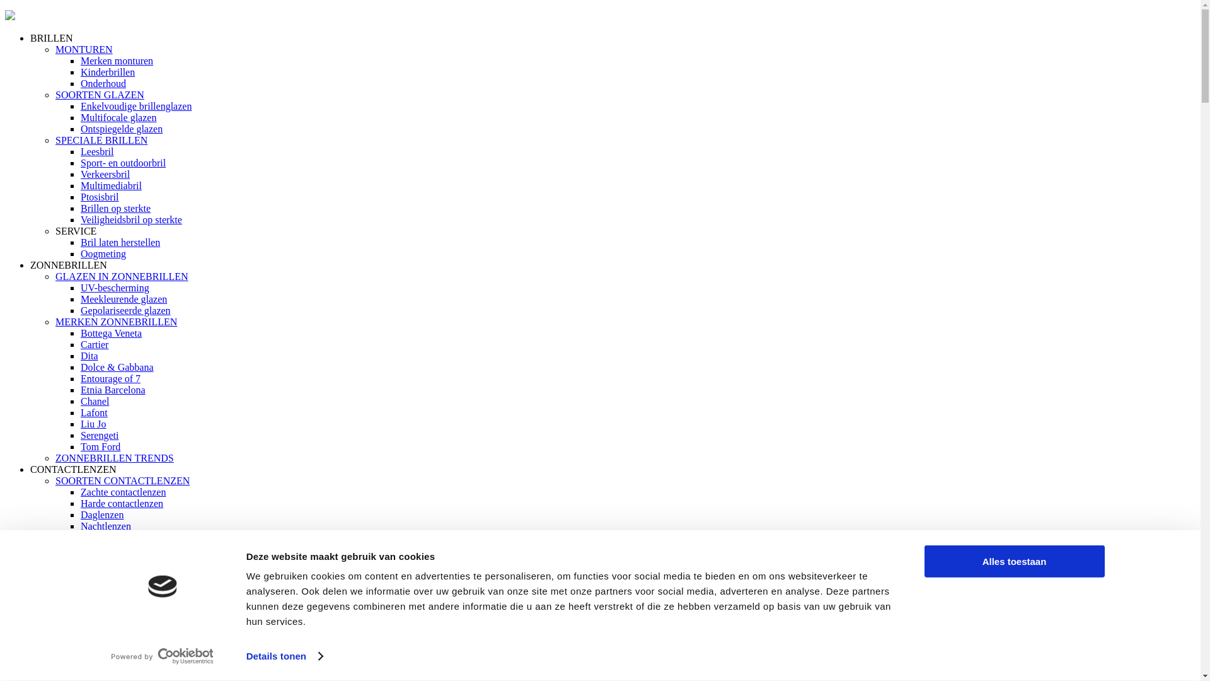 Image resolution: width=1210 pixels, height=681 pixels. What do you see at coordinates (112, 571) in the screenshot?
I see `'Torische lenzen'` at bounding box center [112, 571].